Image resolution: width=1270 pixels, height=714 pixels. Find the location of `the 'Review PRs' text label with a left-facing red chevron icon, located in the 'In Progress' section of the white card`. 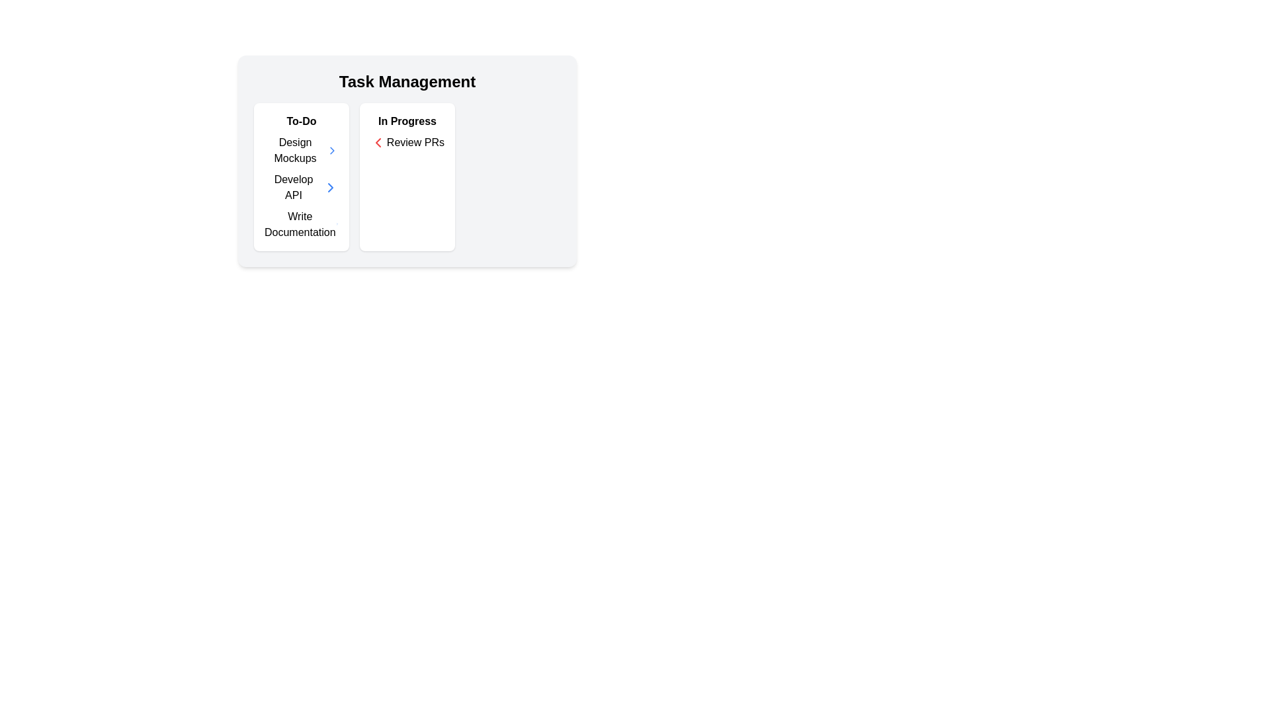

the 'Review PRs' text label with a left-facing red chevron icon, located in the 'In Progress' section of the white card is located at coordinates (406, 143).